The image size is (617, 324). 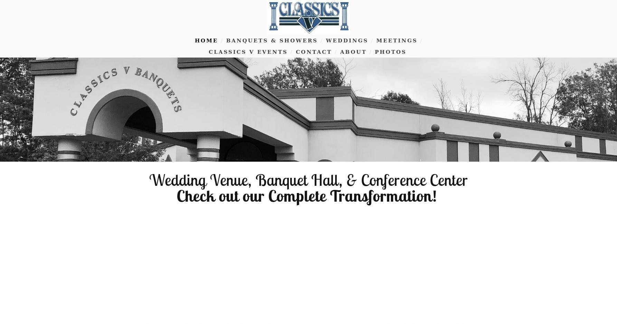 I want to click on 'Banquets & Showers', so click(x=271, y=40).